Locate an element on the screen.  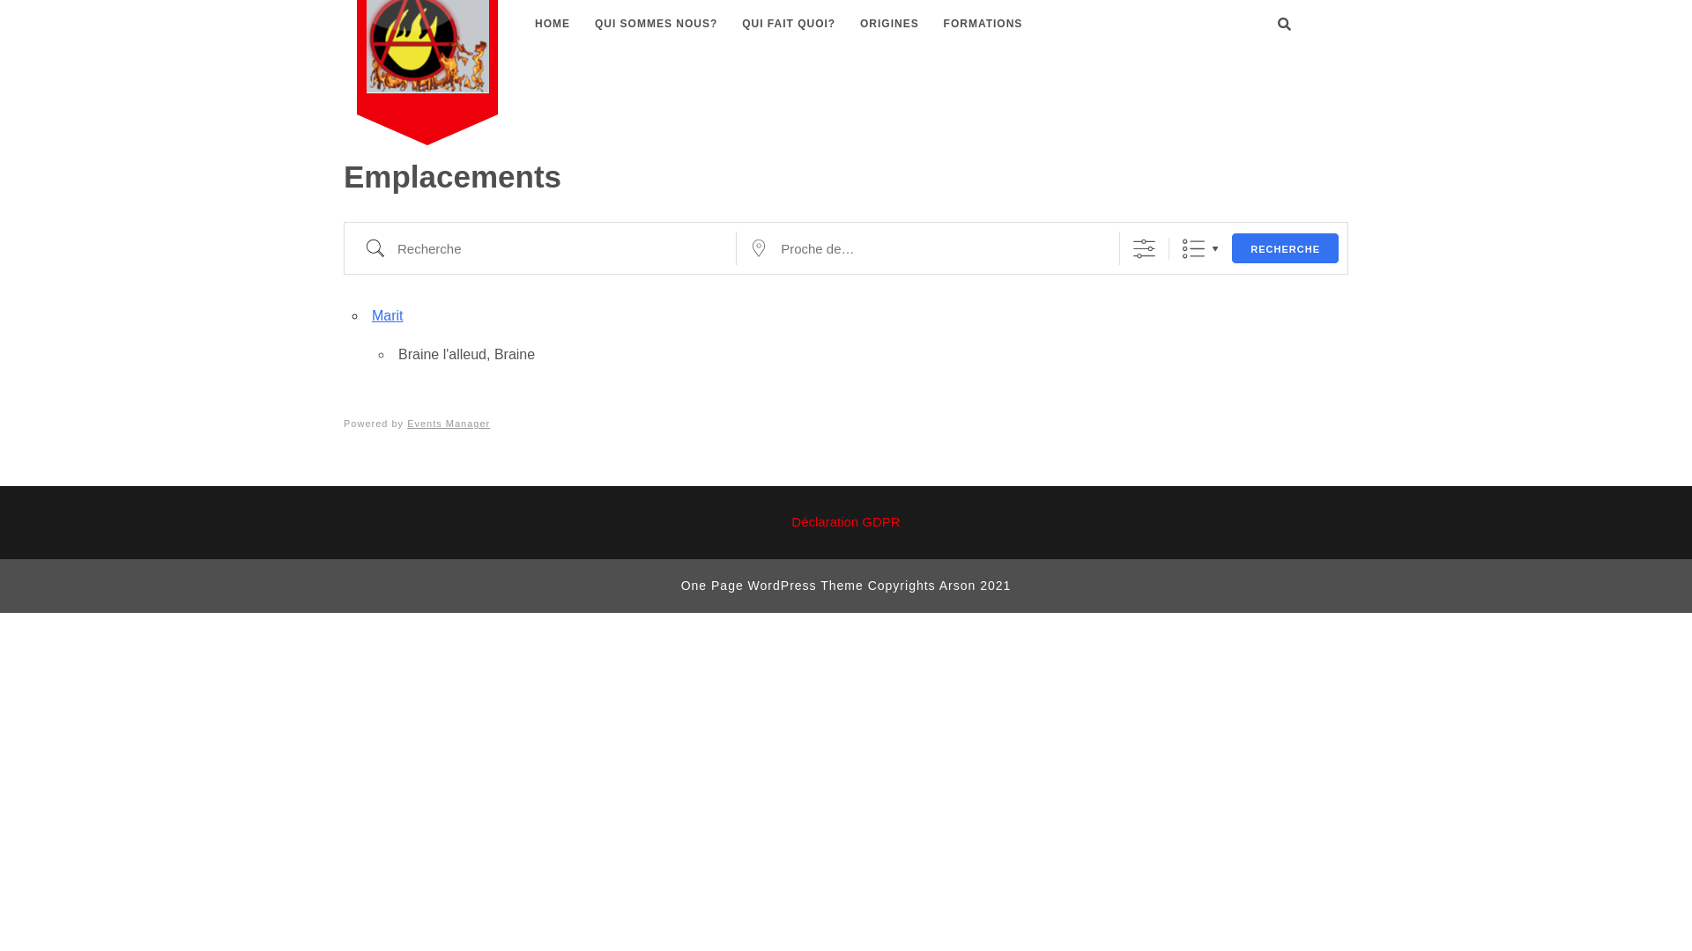
'HOME' is located at coordinates (552, 24).